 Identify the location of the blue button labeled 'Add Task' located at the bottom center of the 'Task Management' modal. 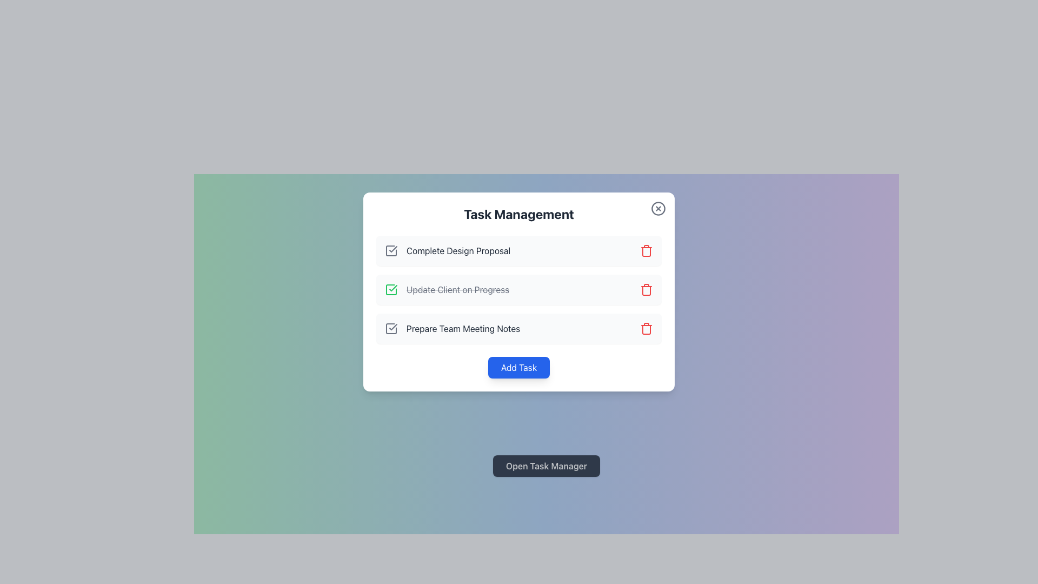
(519, 367).